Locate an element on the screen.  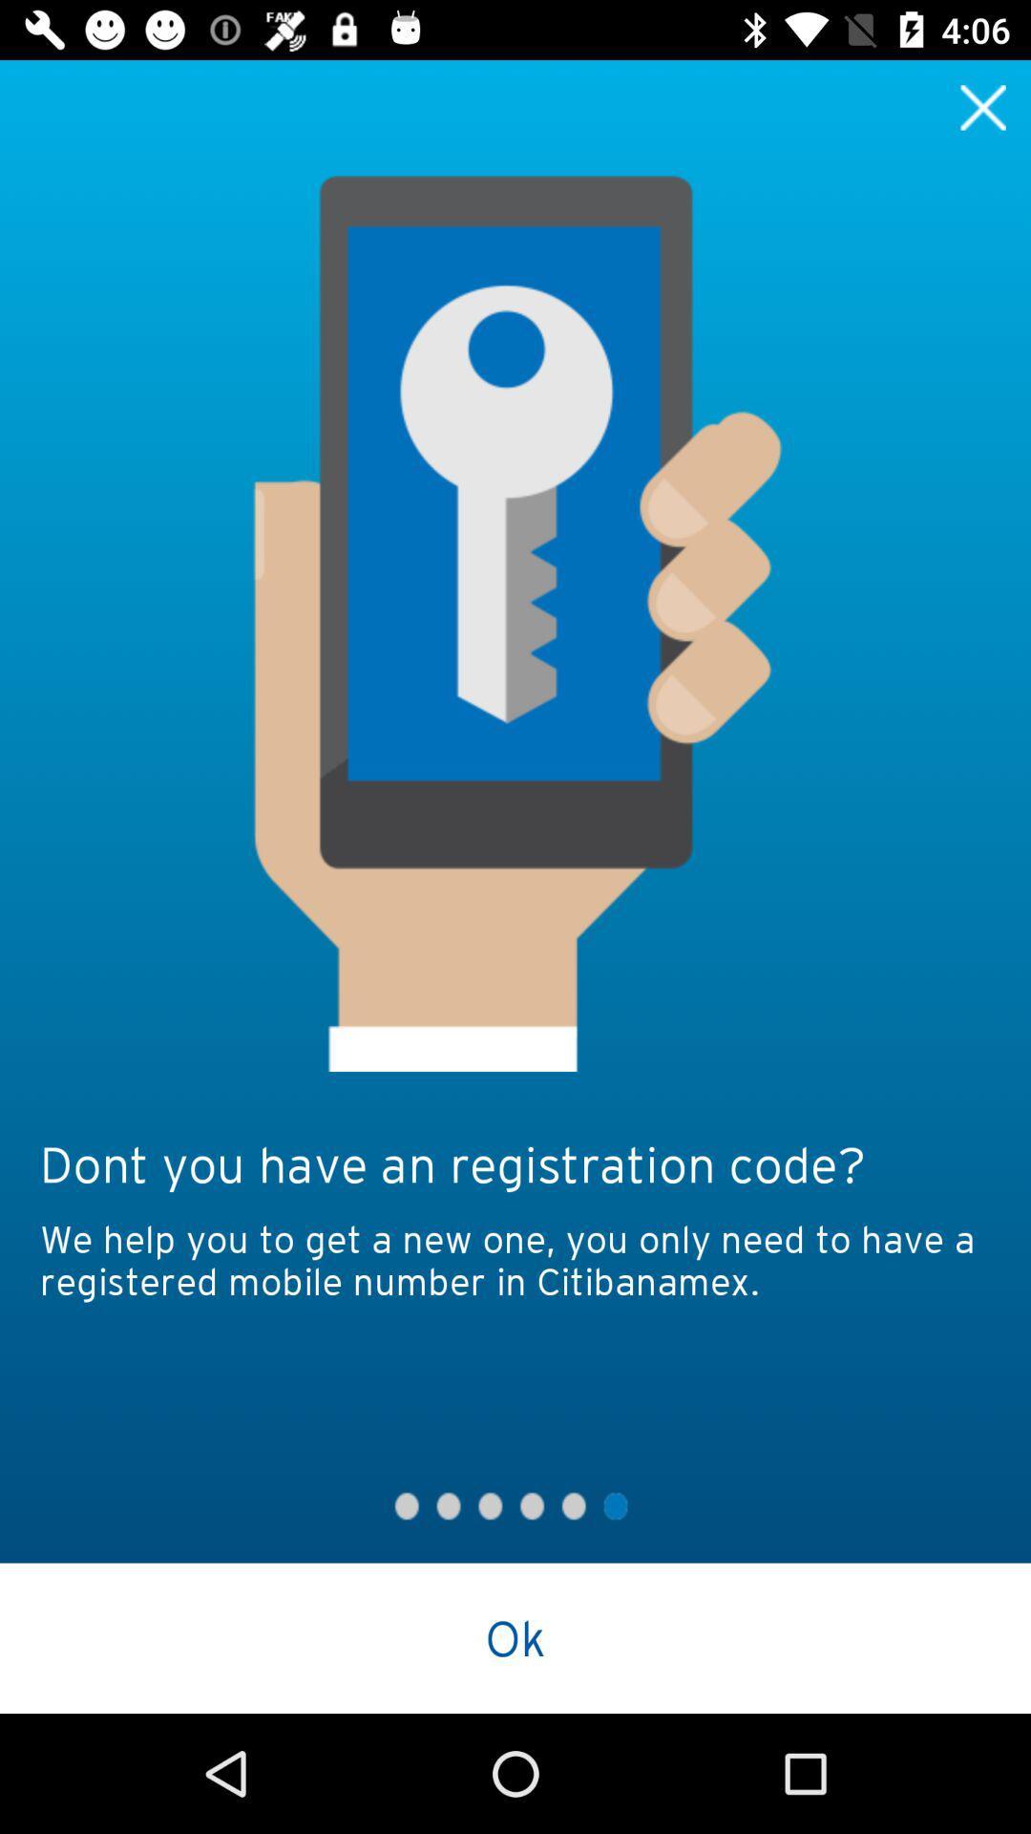
to choose is located at coordinates (983, 106).